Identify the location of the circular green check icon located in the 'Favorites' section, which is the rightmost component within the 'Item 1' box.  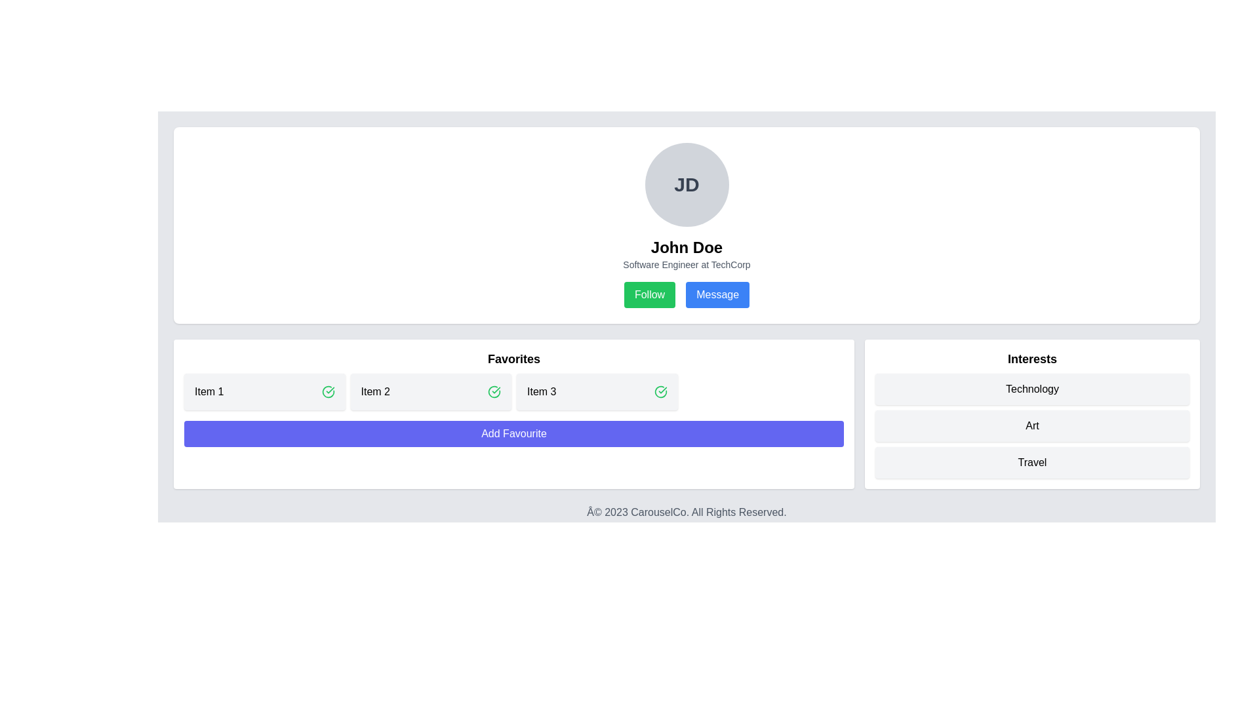
(328, 391).